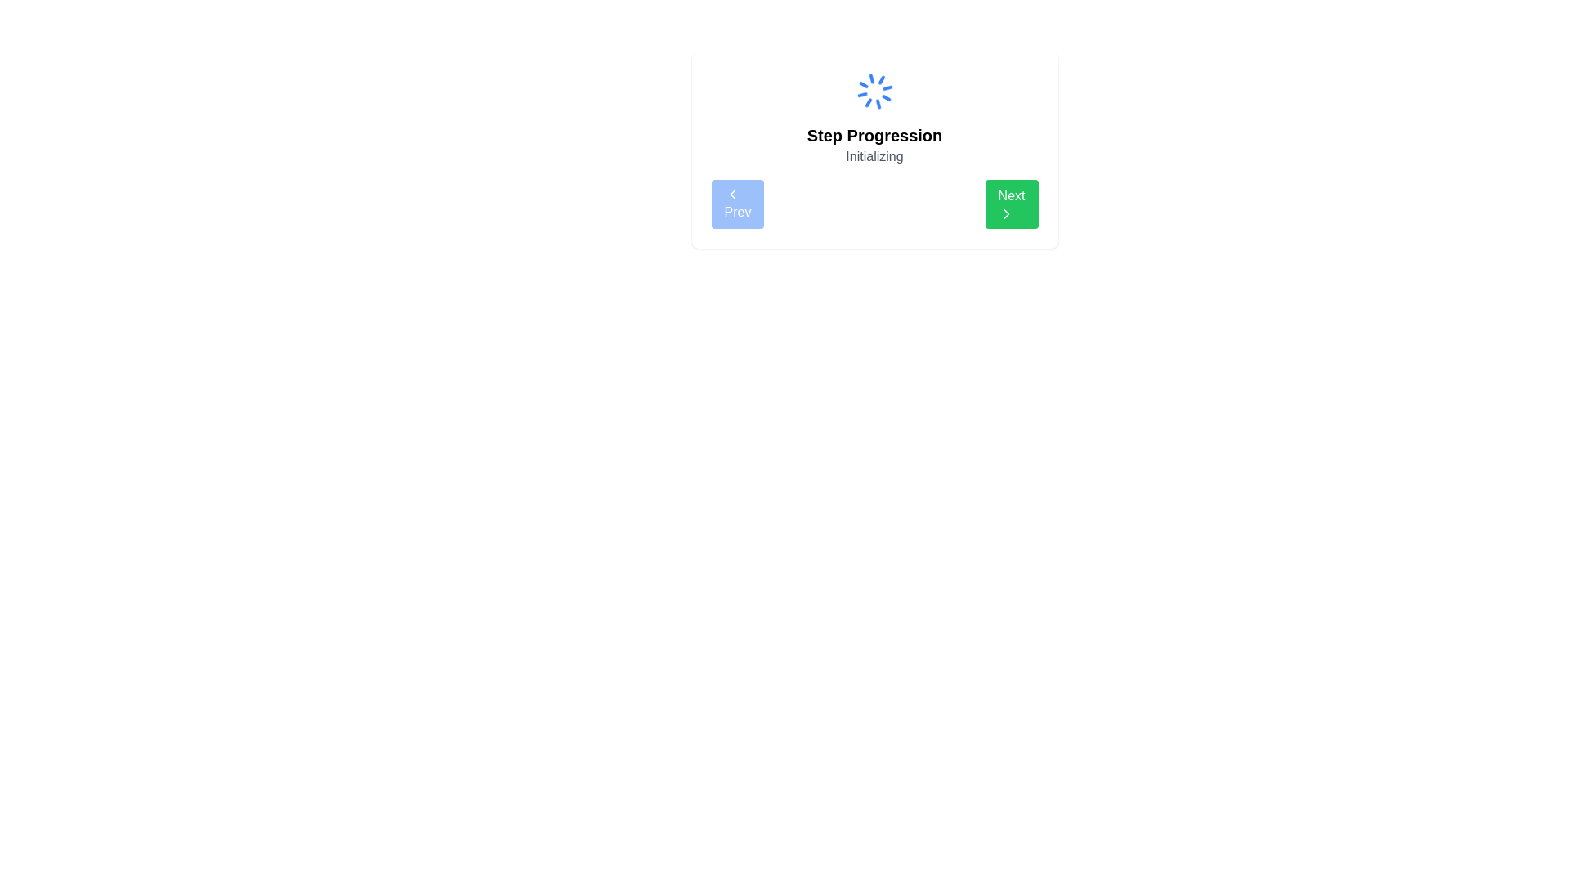 The height and width of the screenshot is (883, 1569). Describe the element at coordinates (1005, 213) in the screenshot. I see `the SVG icon inside the green 'Next' button, which serves as a directional cue to proceed forward in the sequence` at that location.